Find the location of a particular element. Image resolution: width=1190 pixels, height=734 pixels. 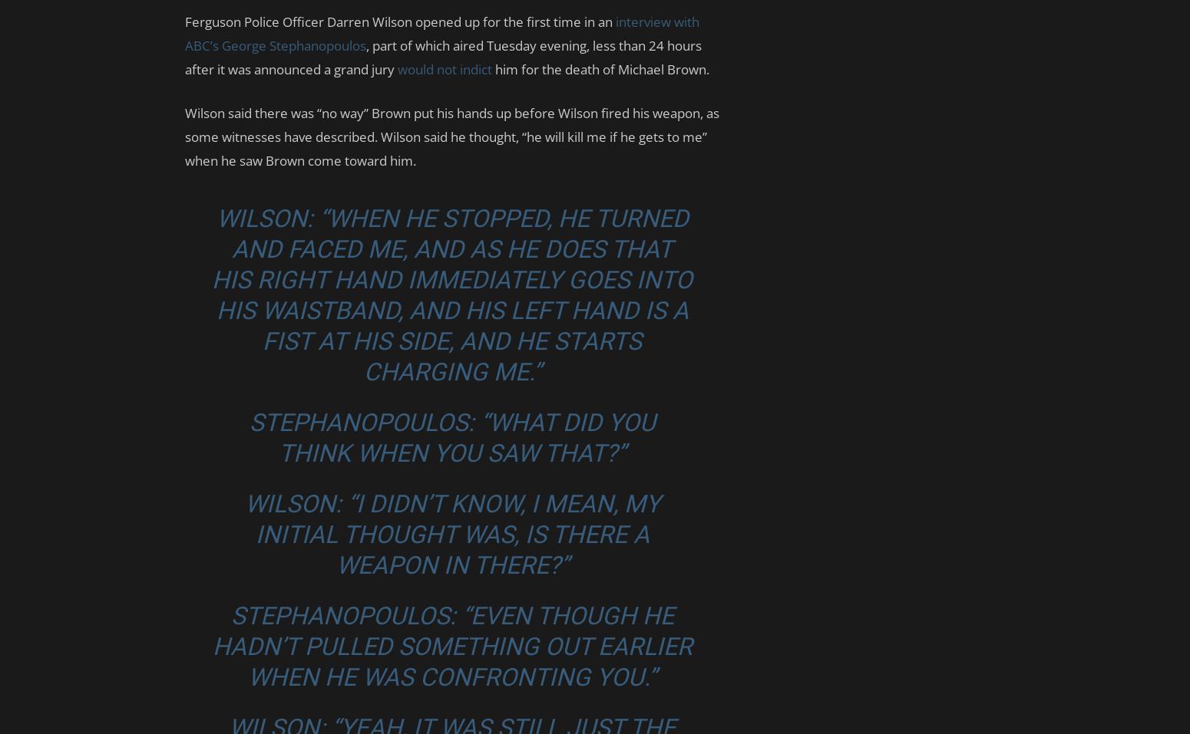

'Wilson: “I didn’t know, I mean, my initial thought was, is there a weapon in there?”' is located at coordinates (451, 534).